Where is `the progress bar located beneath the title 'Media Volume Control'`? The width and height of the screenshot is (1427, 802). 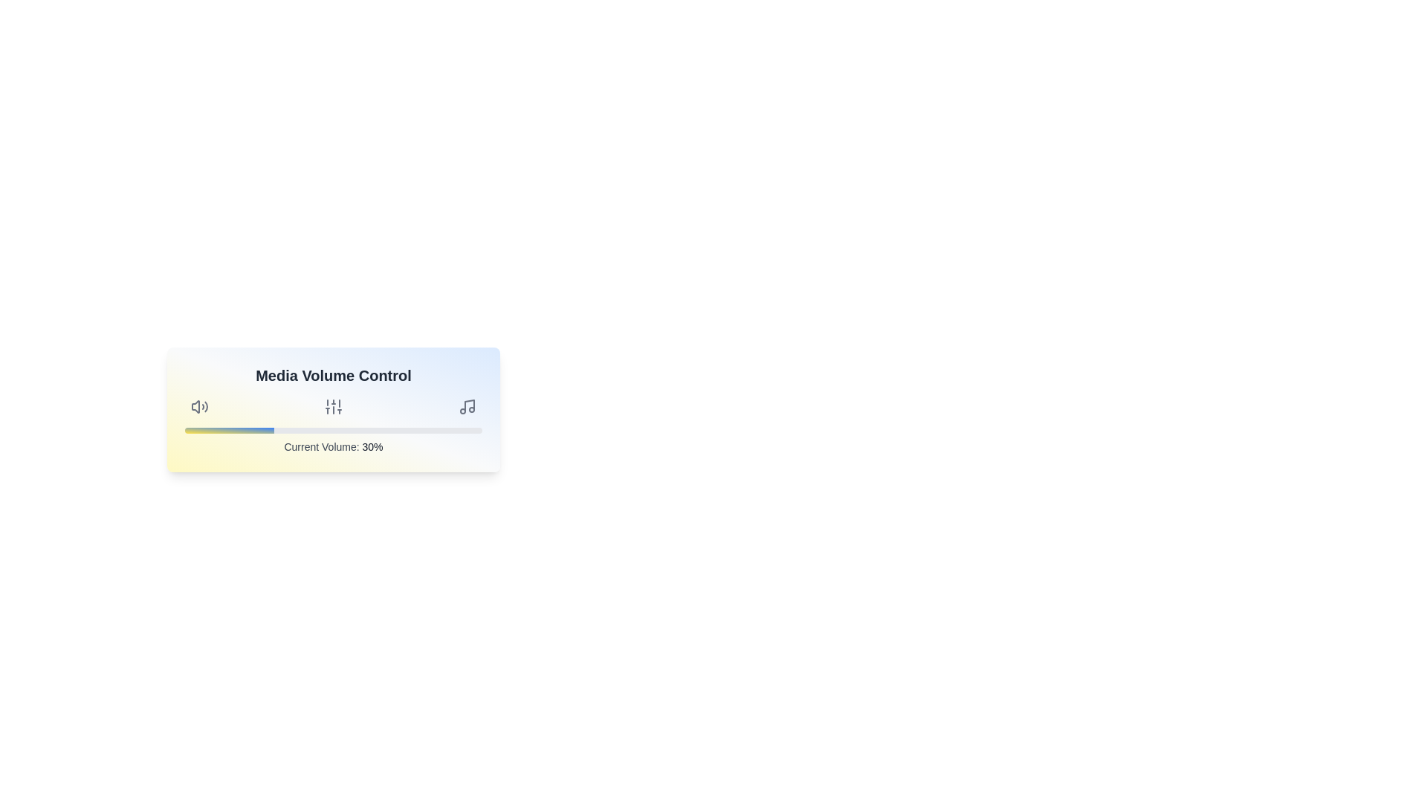
the progress bar located beneath the title 'Media Volume Control' is located at coordinates (333, 430).